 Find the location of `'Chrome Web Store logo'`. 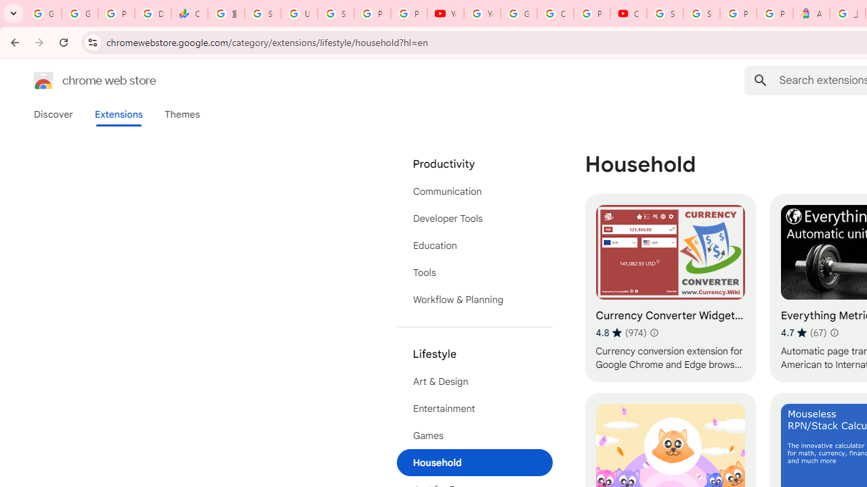

'Chrome Web Store logo' is located at coordinates (43, 80).